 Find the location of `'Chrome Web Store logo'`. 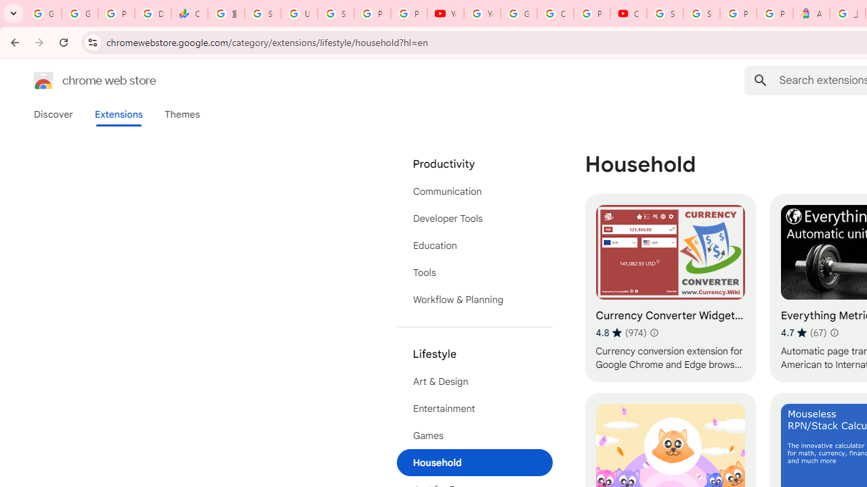

'Chrome Web Store logo' is located at coordinates (43, 80).